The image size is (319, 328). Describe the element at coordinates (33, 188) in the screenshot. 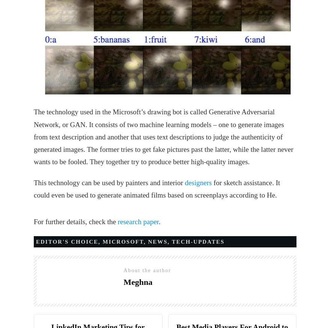

I see `'for sketch assistance. It could even be used to generate animated films based on screenplays according to He.'` at that location.